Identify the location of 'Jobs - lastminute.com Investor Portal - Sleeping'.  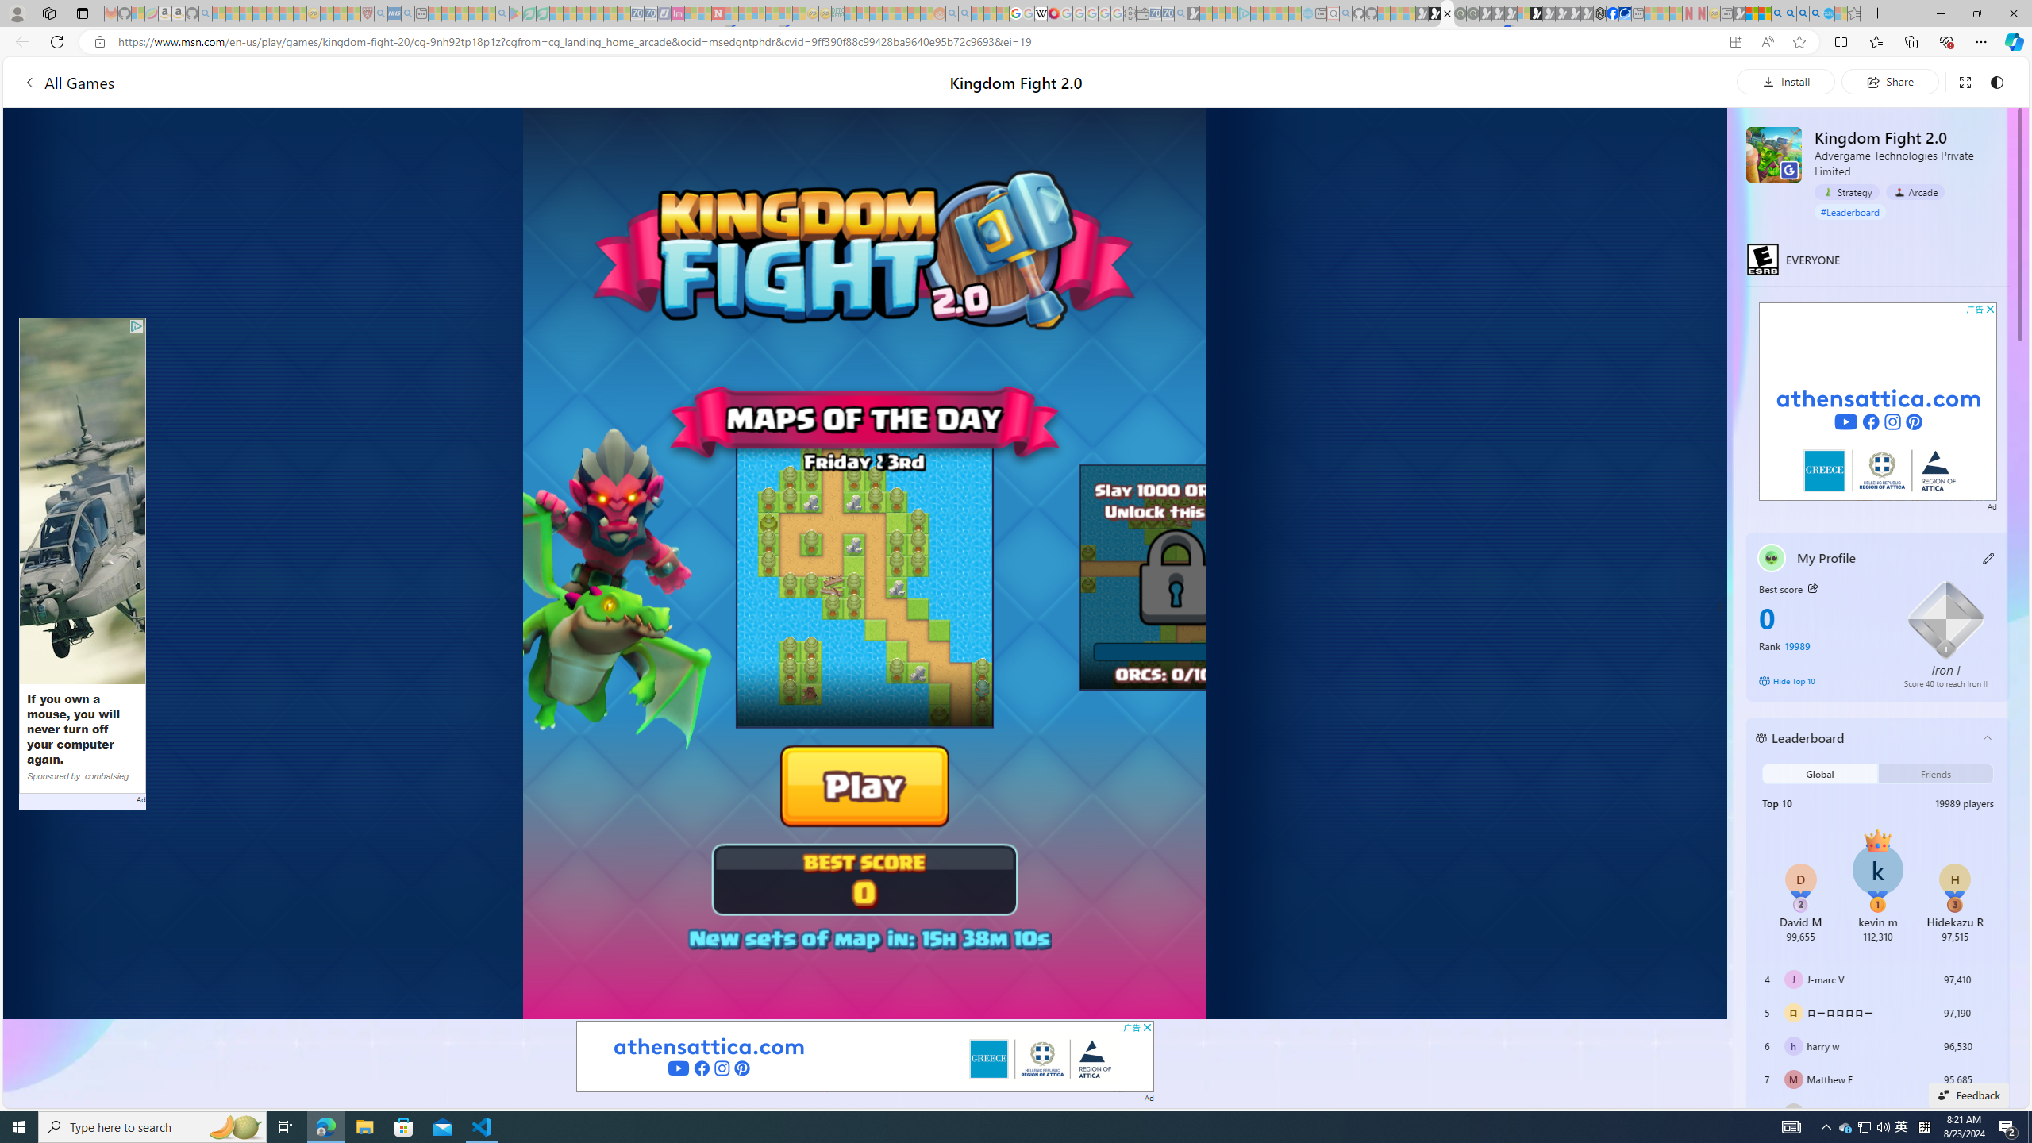
(676, 13).